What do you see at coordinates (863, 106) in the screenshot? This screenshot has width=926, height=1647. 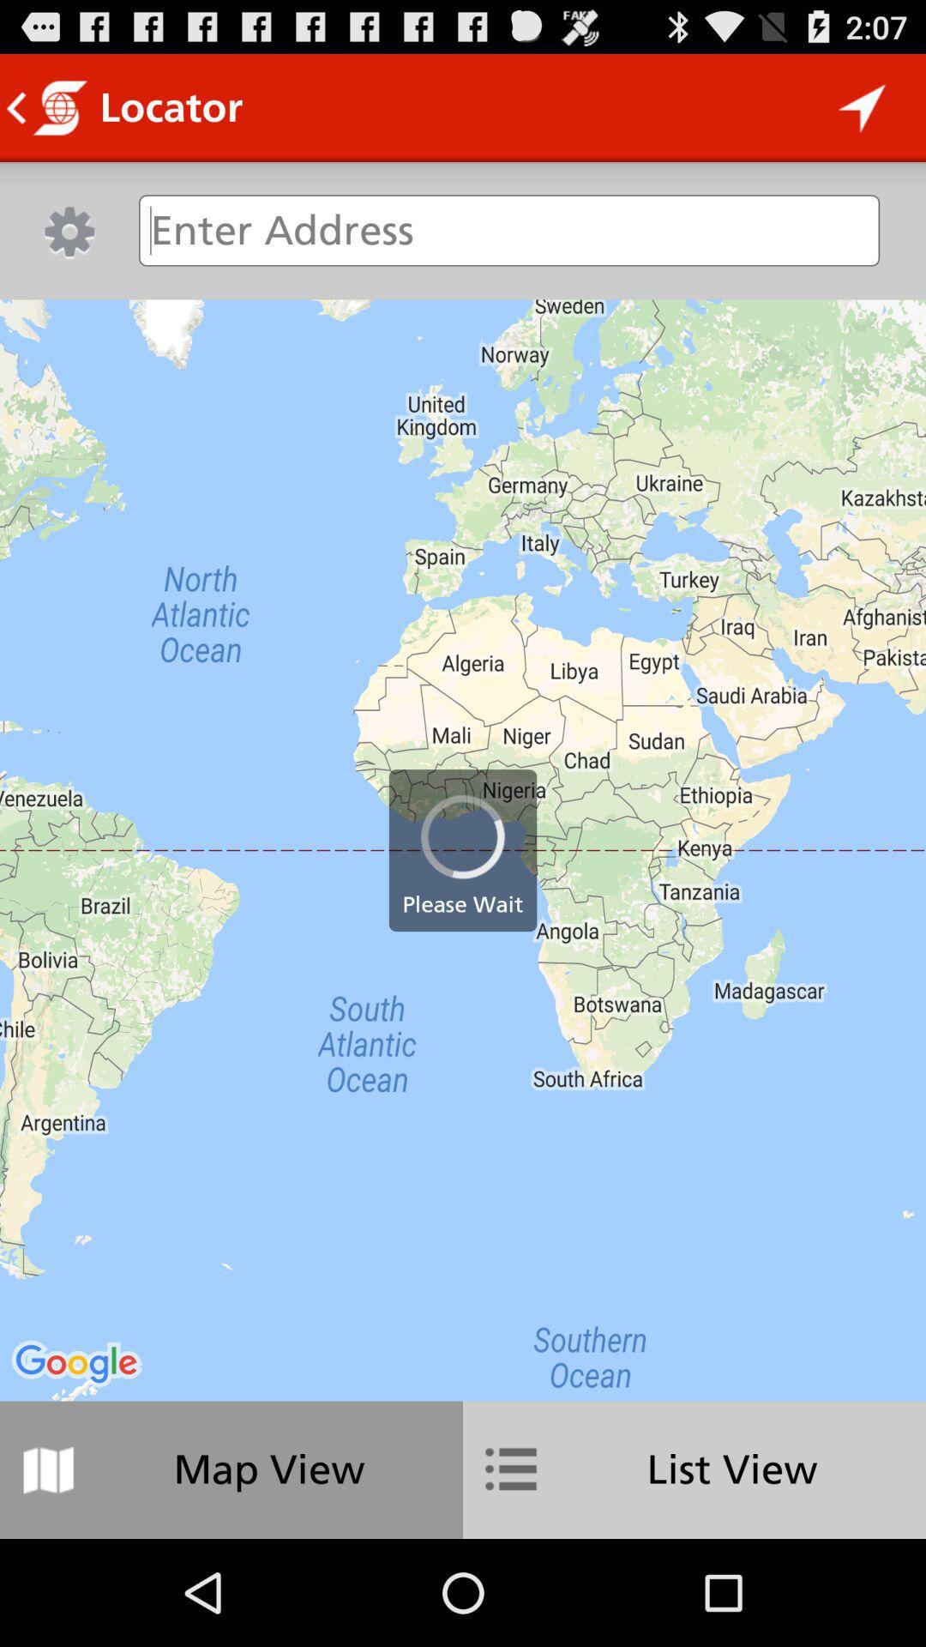 I see `icon to the right of the locator` at bounding box center [863, 106].